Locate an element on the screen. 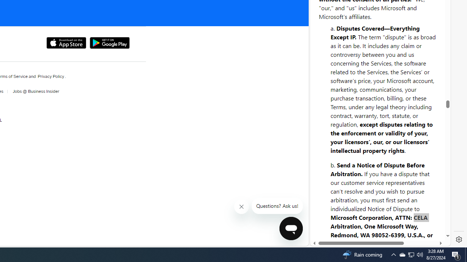  'Jobs @ Business Insider' is located at coordinates (33, 91).